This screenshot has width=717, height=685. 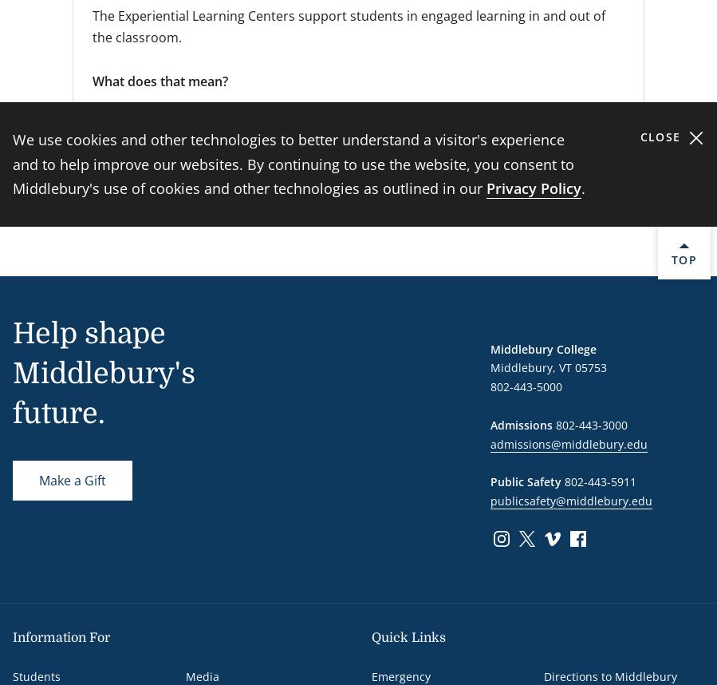 What do you see at coordinates (490, 348) in the screenshot?
I see `'Middlebury College'` at bounding box center [490, 348].